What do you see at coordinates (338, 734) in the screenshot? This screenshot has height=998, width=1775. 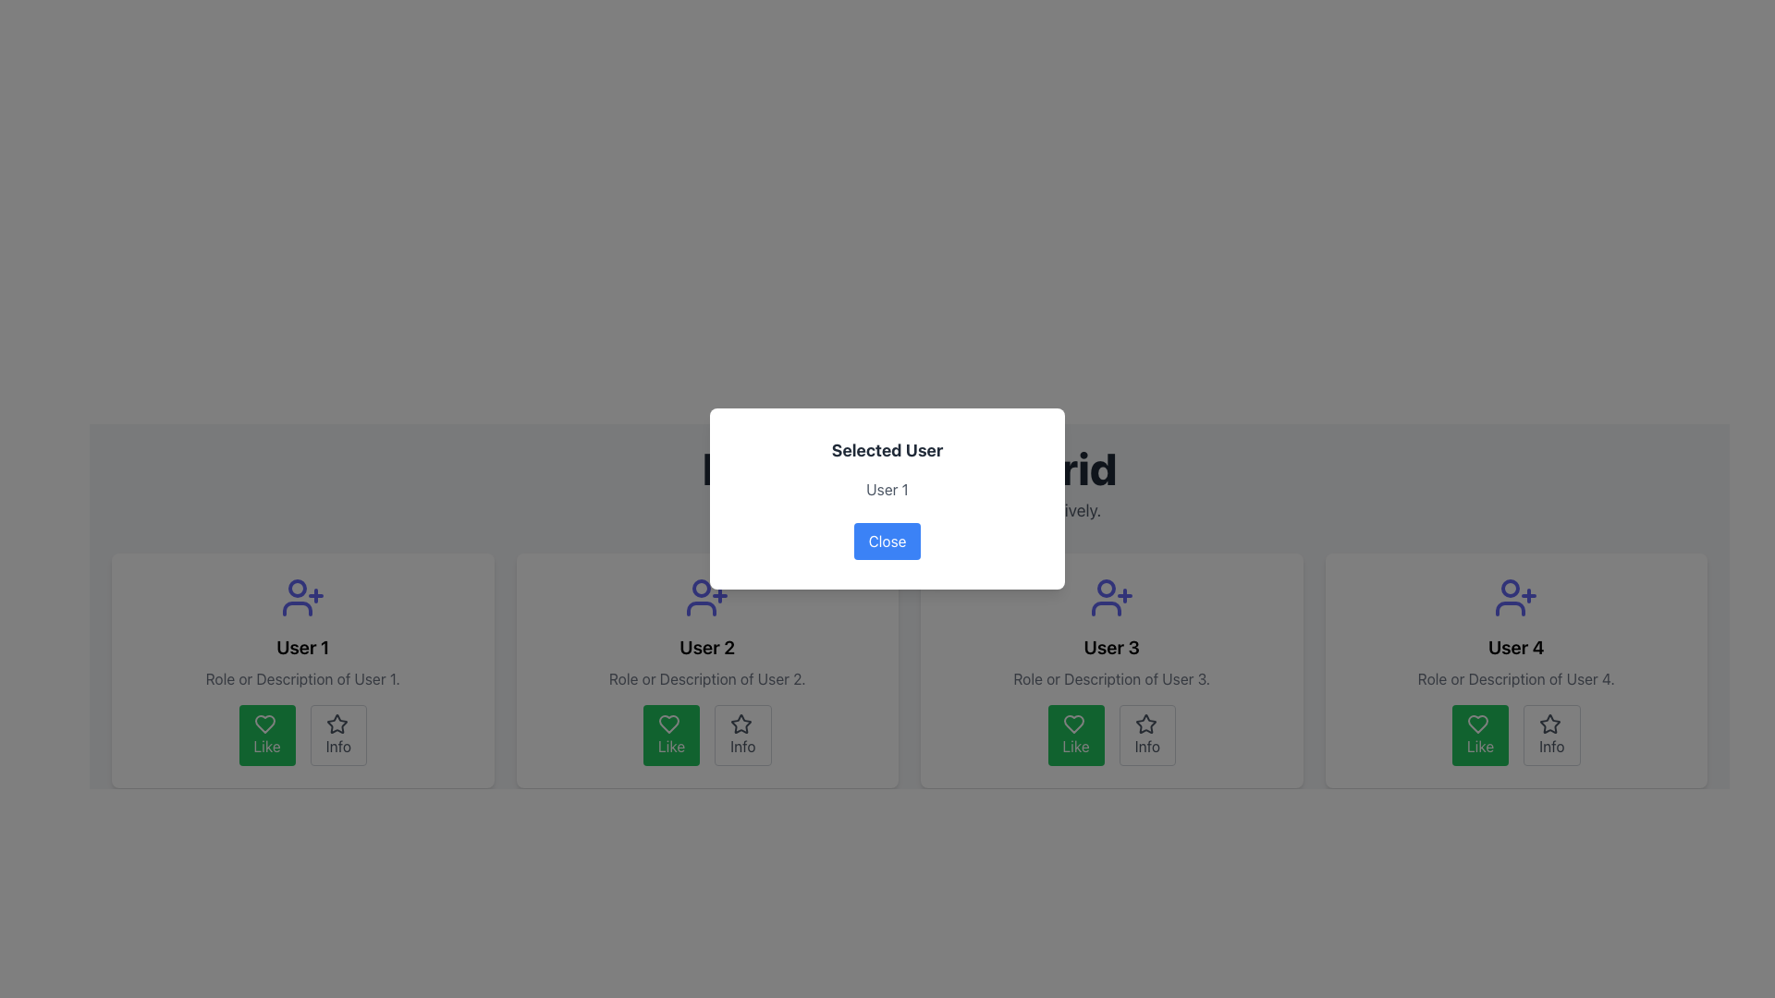 I see `the 'Info' button, which is styled with a light gray border and has a star icon above the centered text` at bounding box center [338, 734].